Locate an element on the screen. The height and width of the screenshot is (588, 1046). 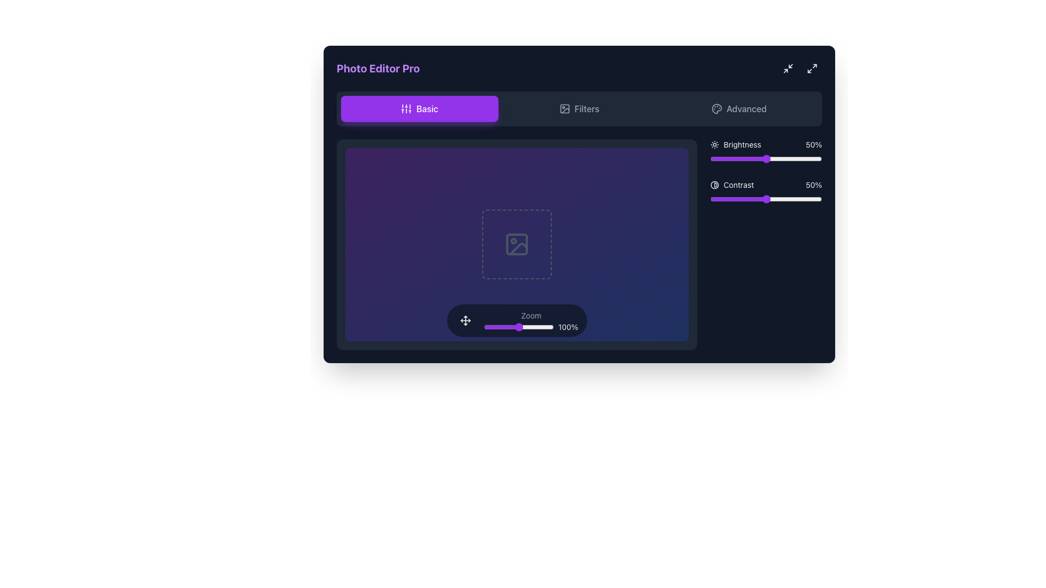
the 'Brightness' text display which shows '50%' indicating the current brightness level, located in the right pane above the brightness adjustment slider is located at coordinates (765, 144).